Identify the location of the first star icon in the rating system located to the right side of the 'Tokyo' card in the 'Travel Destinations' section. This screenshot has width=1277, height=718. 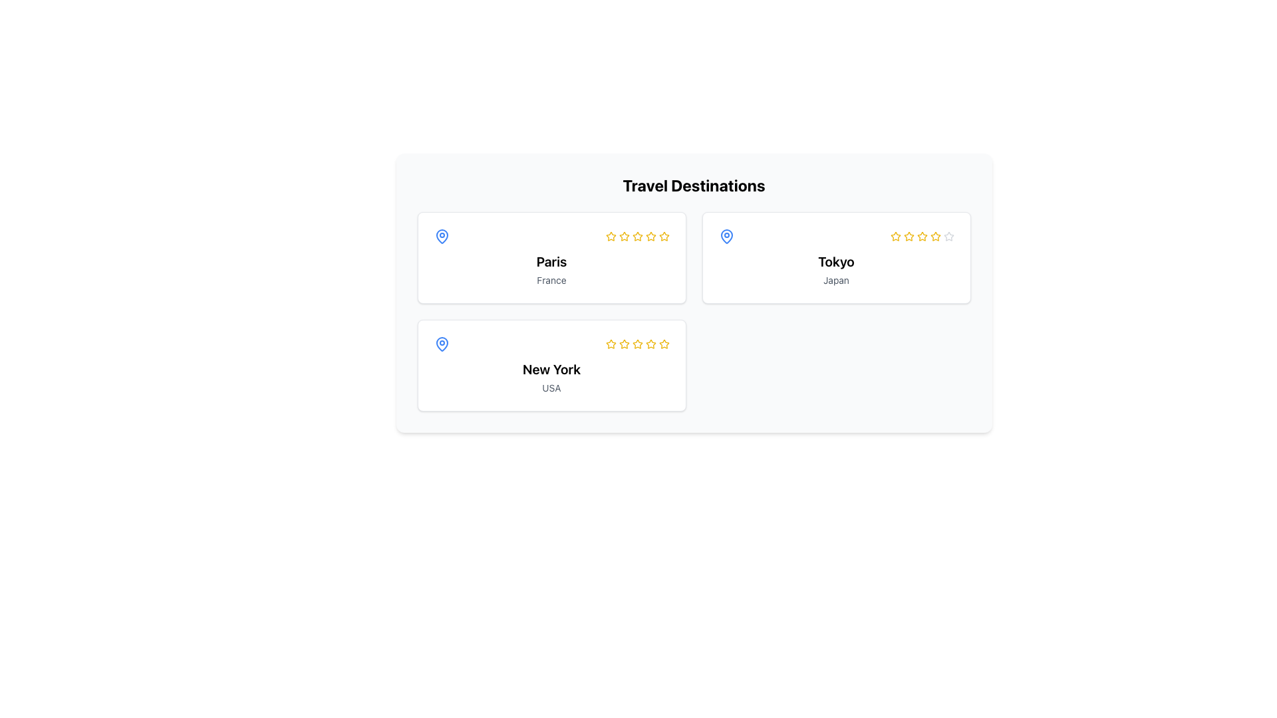
(895, 235).